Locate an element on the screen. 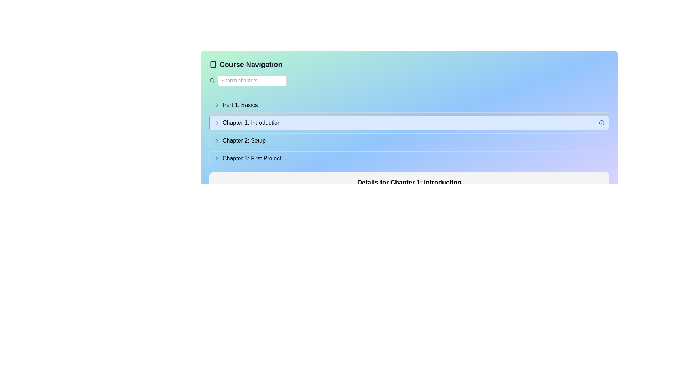 The width and height of the screenshot is (684, 385). the chevron icon located in the 'Course Navigation' section is located at coordinates (217, 158).